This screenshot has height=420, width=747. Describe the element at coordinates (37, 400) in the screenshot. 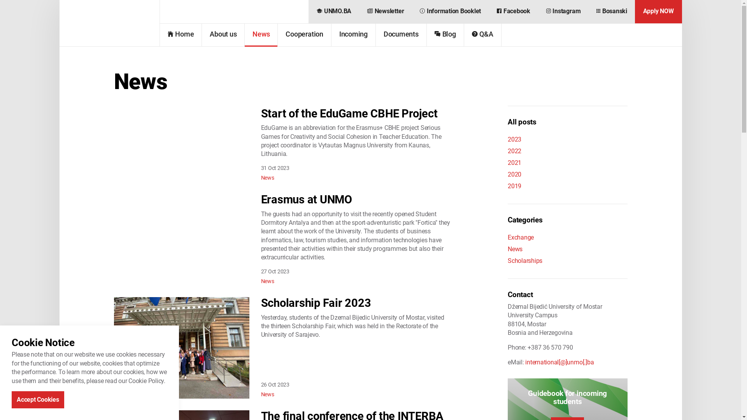

I see `'Accept Cookies'` at that location.